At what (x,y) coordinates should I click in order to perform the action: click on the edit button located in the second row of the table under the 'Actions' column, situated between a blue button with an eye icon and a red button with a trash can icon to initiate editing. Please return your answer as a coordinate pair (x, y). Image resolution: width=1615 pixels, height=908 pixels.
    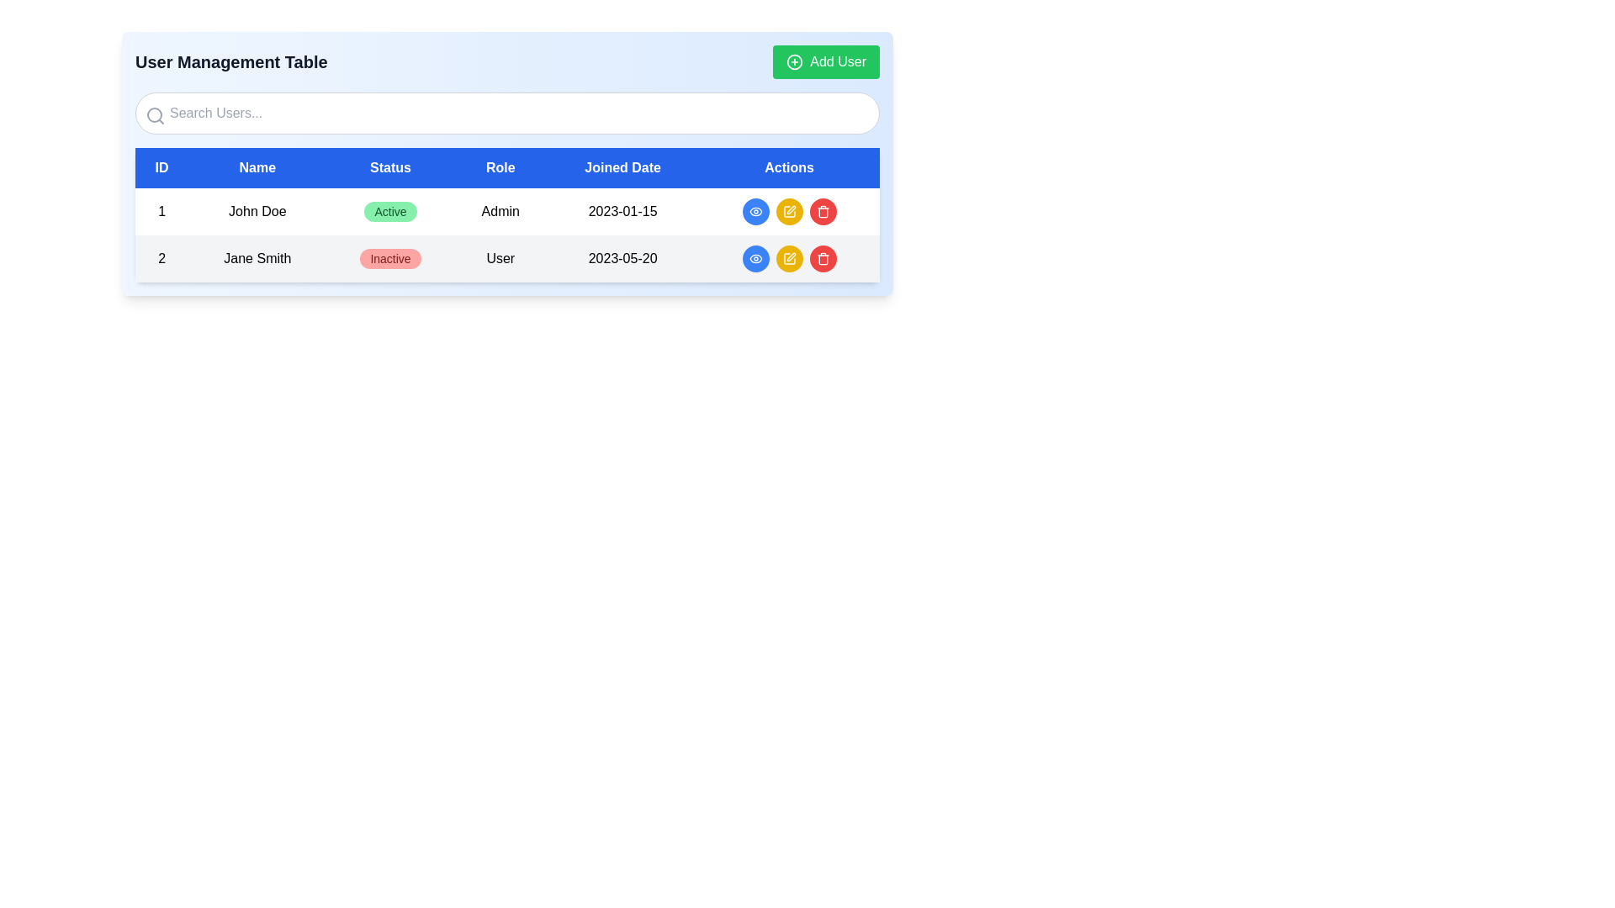
    Looking at the image, I should click on (788, 259).